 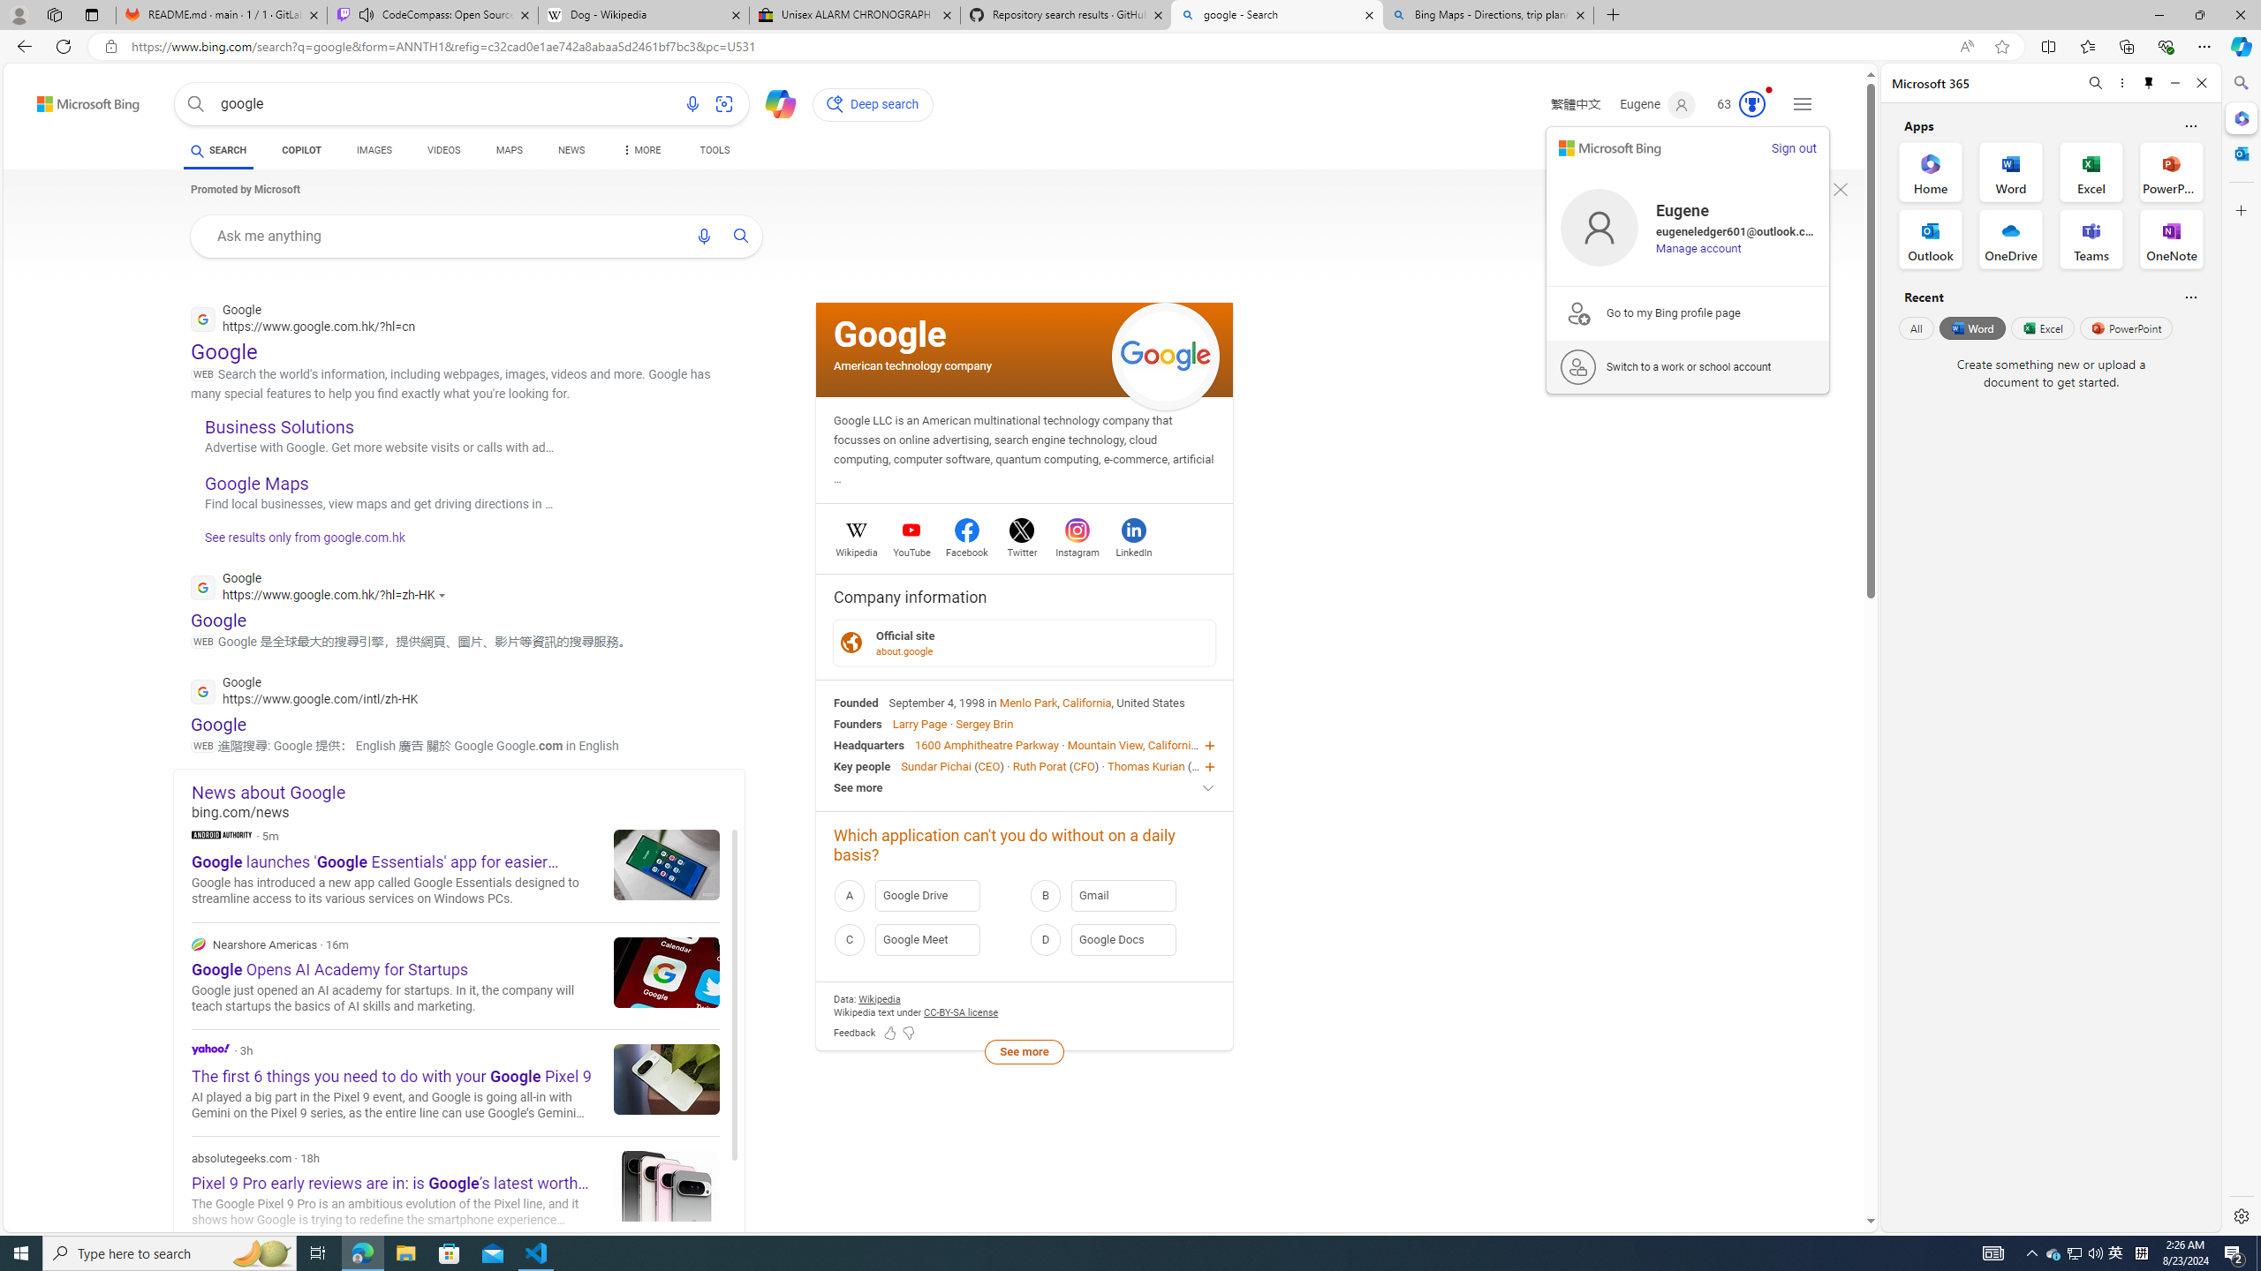 What do you see at coordinates (445, 595) in the screenshot?
I see `'Actions for this site'` at bounding box center [445, 595].